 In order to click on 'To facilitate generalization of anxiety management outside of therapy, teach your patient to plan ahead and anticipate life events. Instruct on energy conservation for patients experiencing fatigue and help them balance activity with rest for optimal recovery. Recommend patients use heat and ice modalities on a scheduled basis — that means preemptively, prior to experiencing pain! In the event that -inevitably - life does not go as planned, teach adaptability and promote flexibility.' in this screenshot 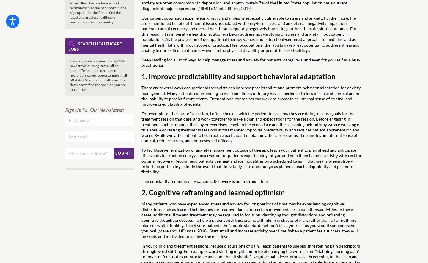, I will do `click(141, 161)`.